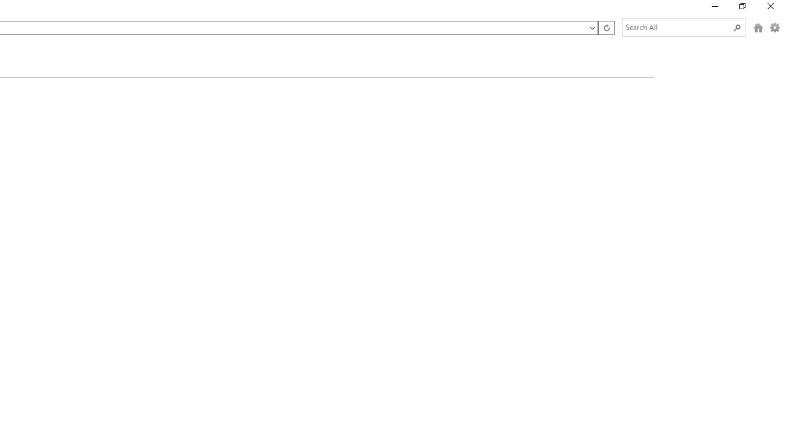 The height and width of the screenshot is (442, 786). Describe the element at coordinates (606, 28) in the screenshot. I see `'Refresh button'` at that location.